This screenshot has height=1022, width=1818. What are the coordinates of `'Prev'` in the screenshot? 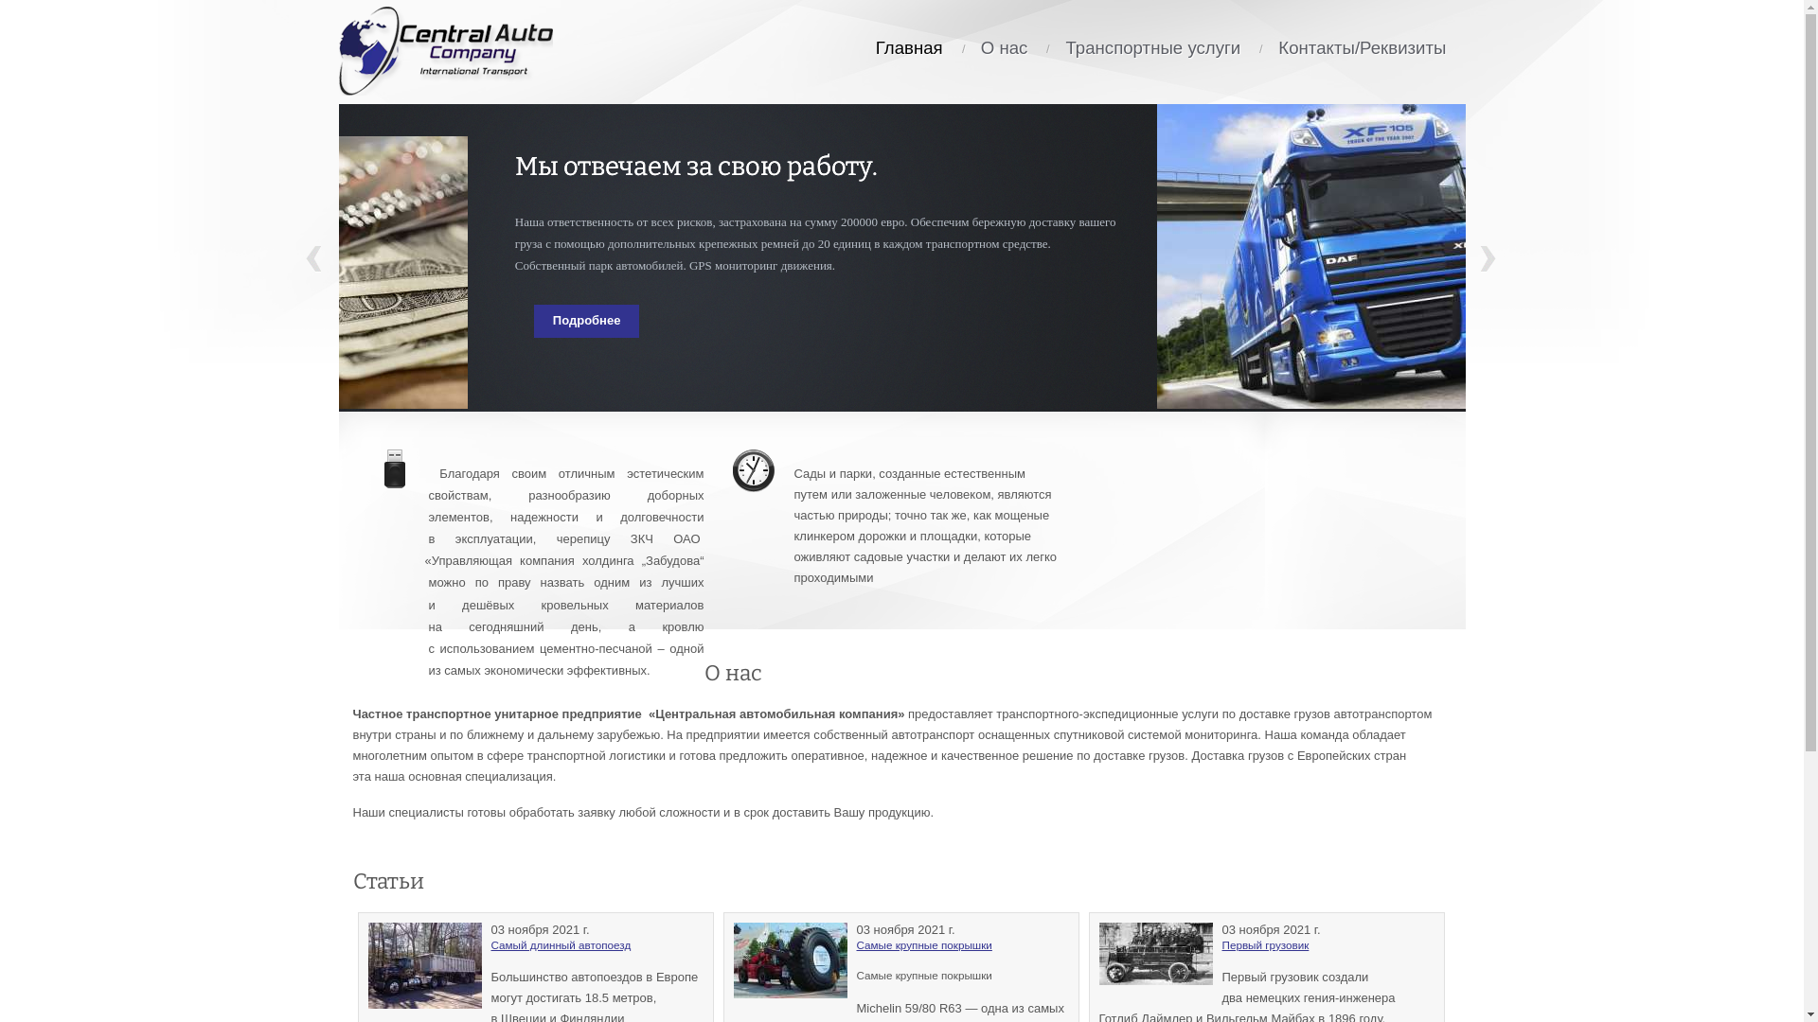 It's located at (313, 258).